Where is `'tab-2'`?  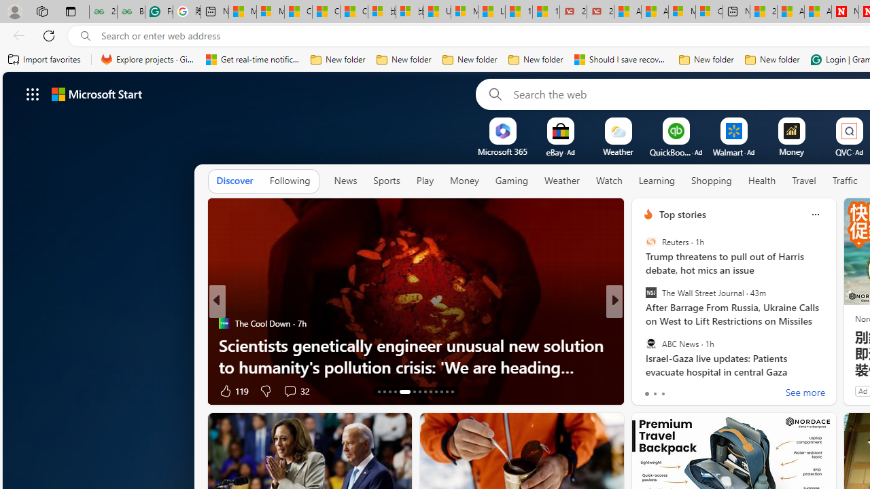
'tab-2' is located at coordinates (663, 393).